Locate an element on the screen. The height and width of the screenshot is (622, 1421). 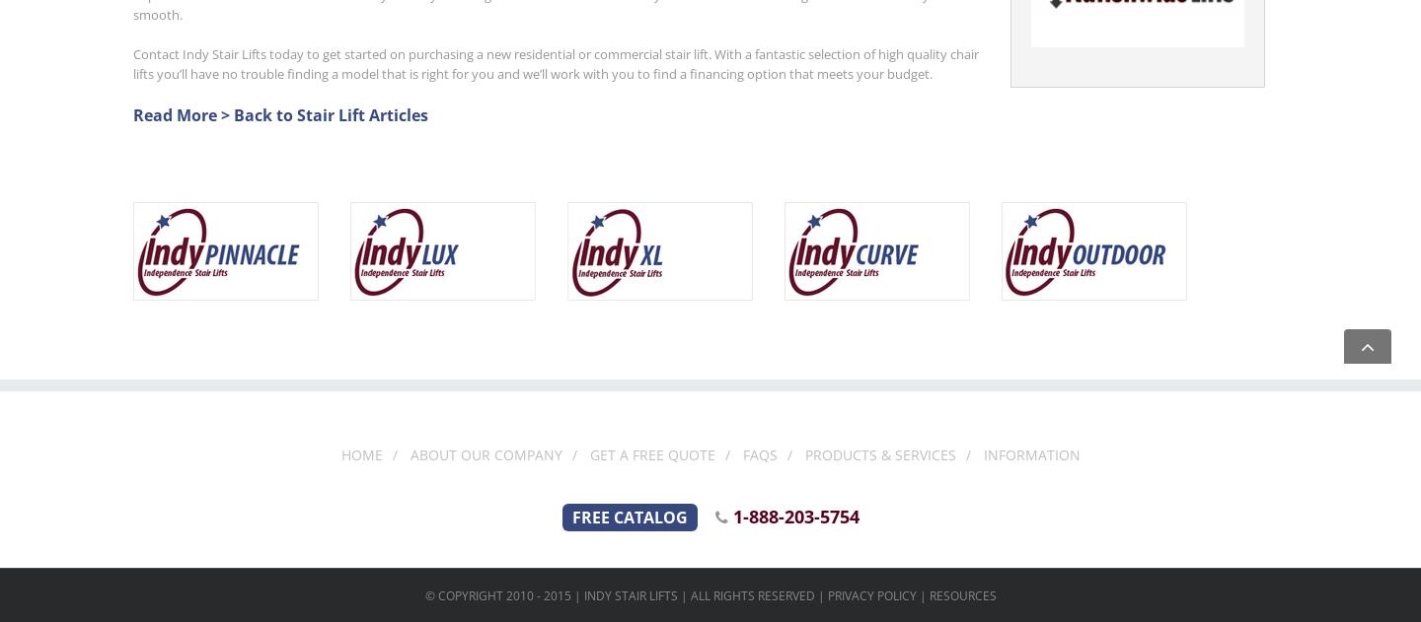
'Get a FREE Quote' is located at coordinates (650, 454).